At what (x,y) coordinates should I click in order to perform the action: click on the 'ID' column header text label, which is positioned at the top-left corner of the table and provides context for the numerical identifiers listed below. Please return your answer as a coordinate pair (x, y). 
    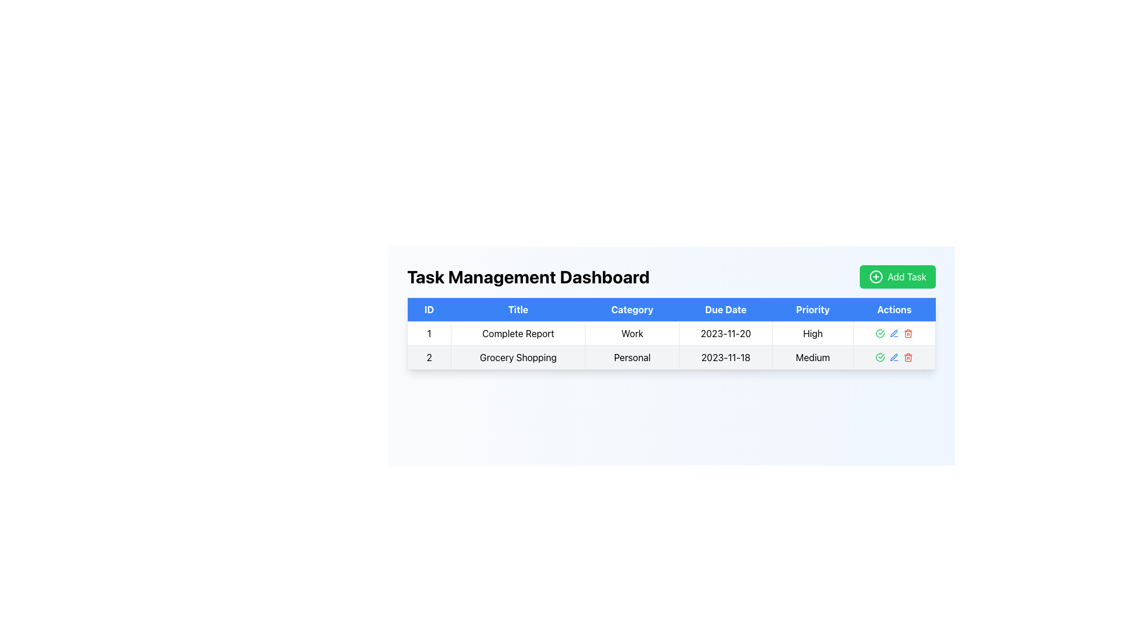
    Looking at the image, I should click on (429, 309).